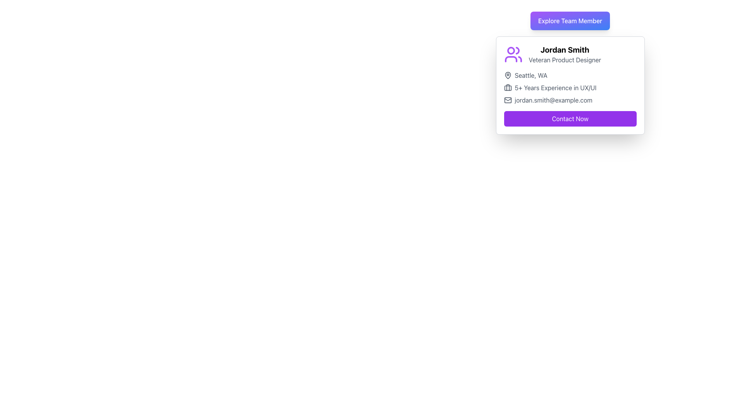 The height and width of the screenshot is (418, 744). Describe the element at coordinates (570, 75) in the screenshot. I see `the first entry in the vertical list that displays the location information 'Seattle, WA' with an accompanying pin icon` at that location.